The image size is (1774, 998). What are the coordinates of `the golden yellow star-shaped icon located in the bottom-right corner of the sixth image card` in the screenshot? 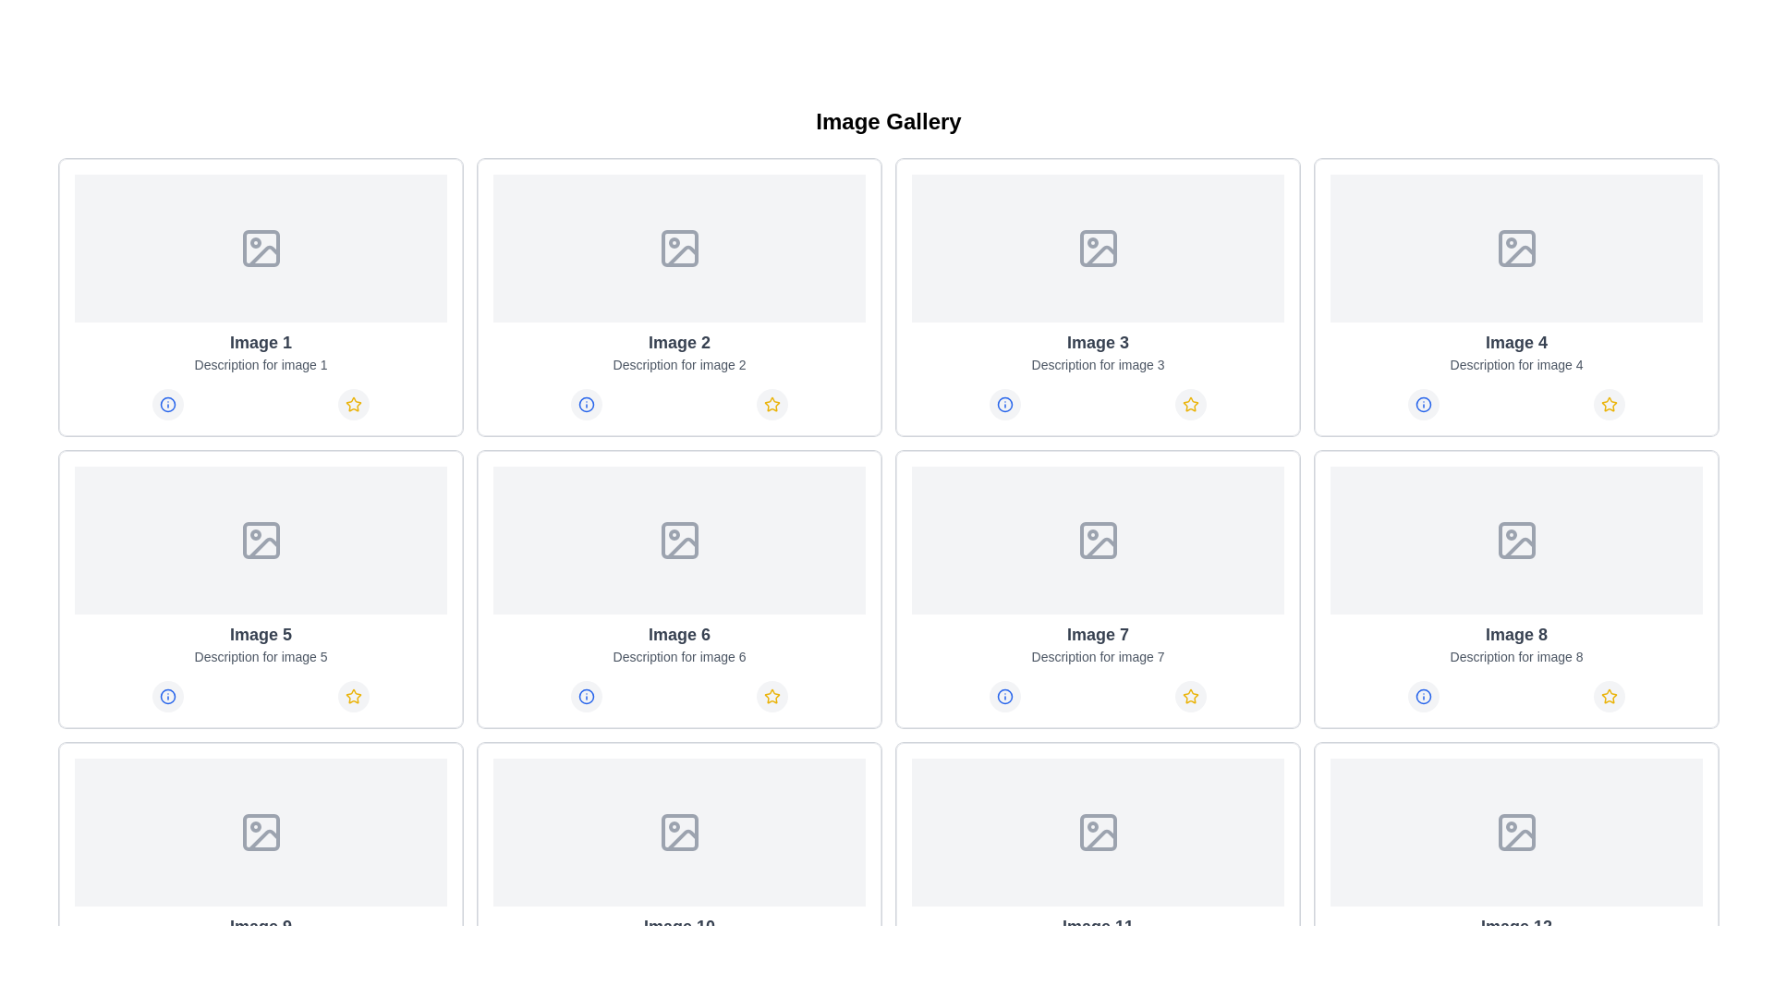 It's located at (772, 696).